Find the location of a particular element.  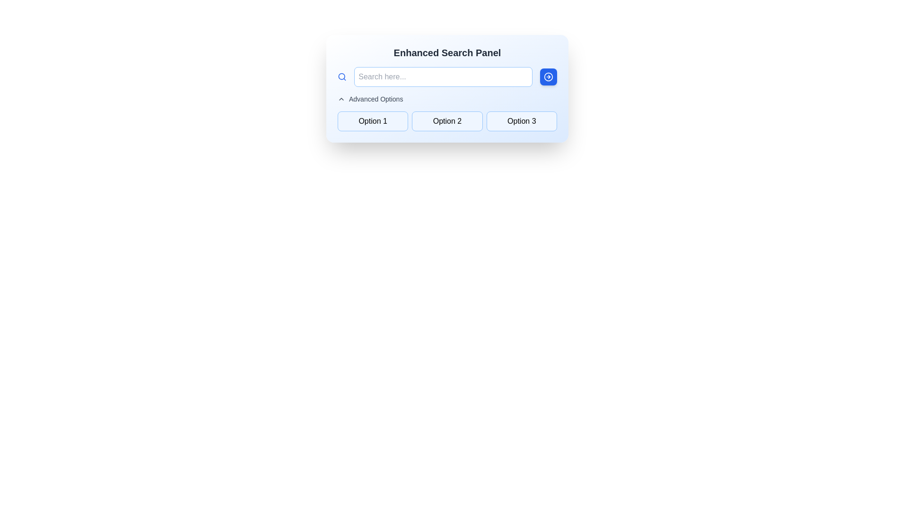

the circular part of the search icon in the Enhanced Search Panel, which is recognized as a decorative graphic aiding the search feature is located at coordinates (341, 76).